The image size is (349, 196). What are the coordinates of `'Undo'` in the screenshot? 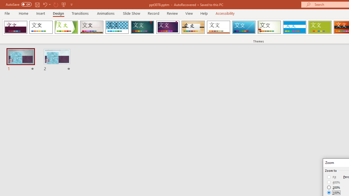 It's located at (46, 4).